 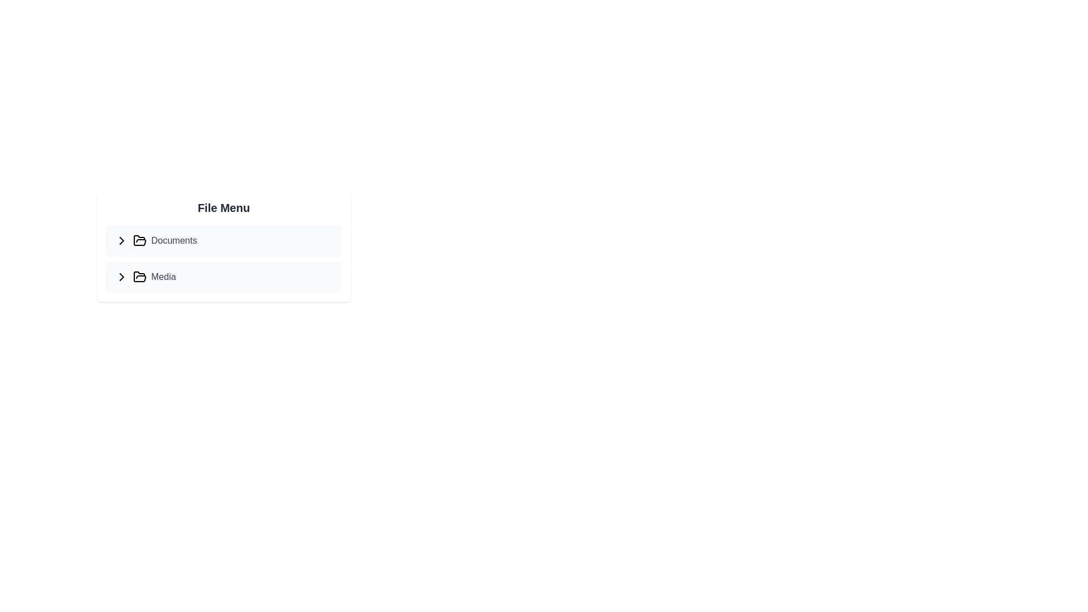 What do you see at coordinates (122, 240) in the screenshot?
I see `the chevron icon` at bounding box center [122, 240].